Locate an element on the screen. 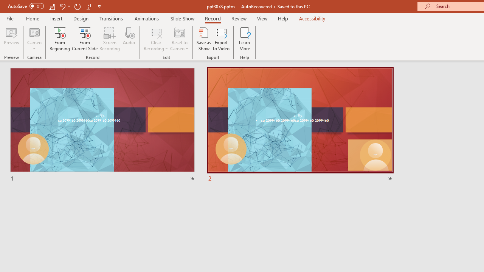 This screenshot has height=272, width=484. 'Clear Recording' is located at coordinates (155, 39).